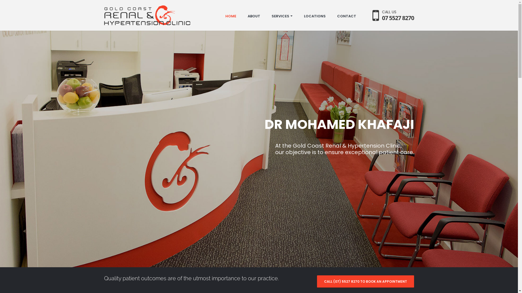 Image resolution: width=522 pixels, height=293 pixels. I want to click on 'CALL (07) 5527 8270 TO BOOK AN APPOINTMENT', so click(317, 281).